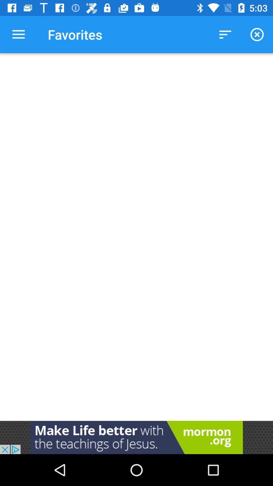 This screenshot has height=486, width=273. Describe the element at coordinates (136, 437) in the screenshot. I see `mormon.org advertisement` at that location.